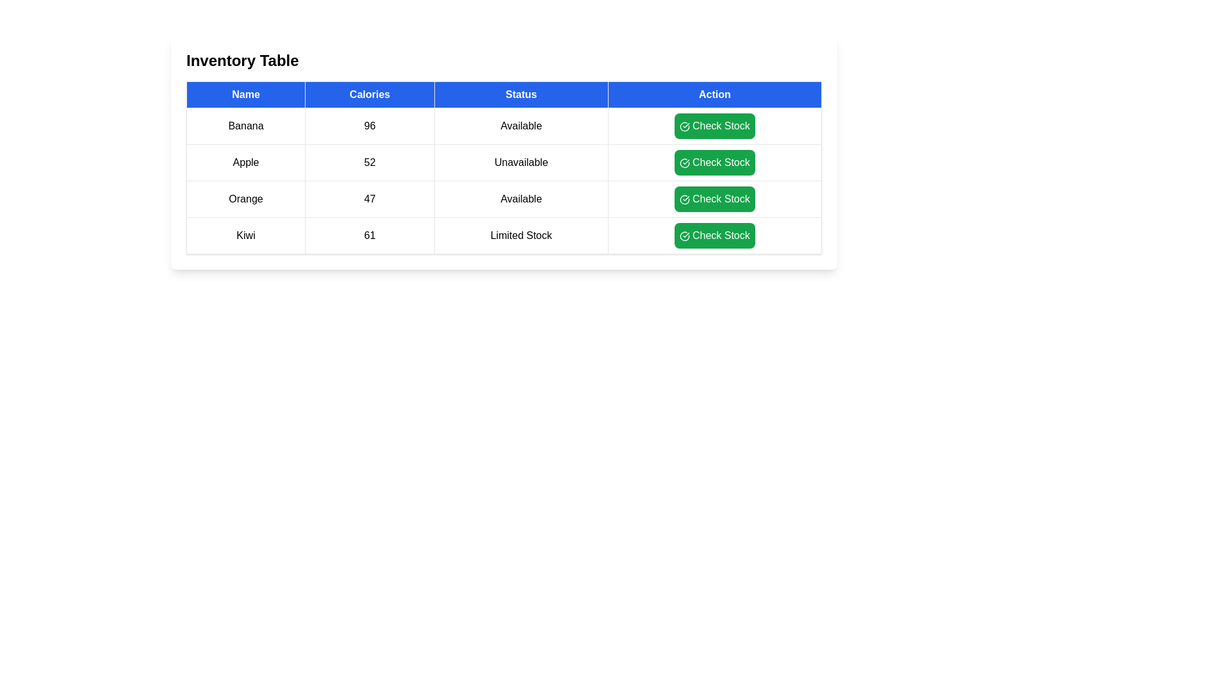 The height and width of the screenshot is (692, 1230). I want to click on the row corresponding to Kiwi by clicking on it, so click(246, 235).